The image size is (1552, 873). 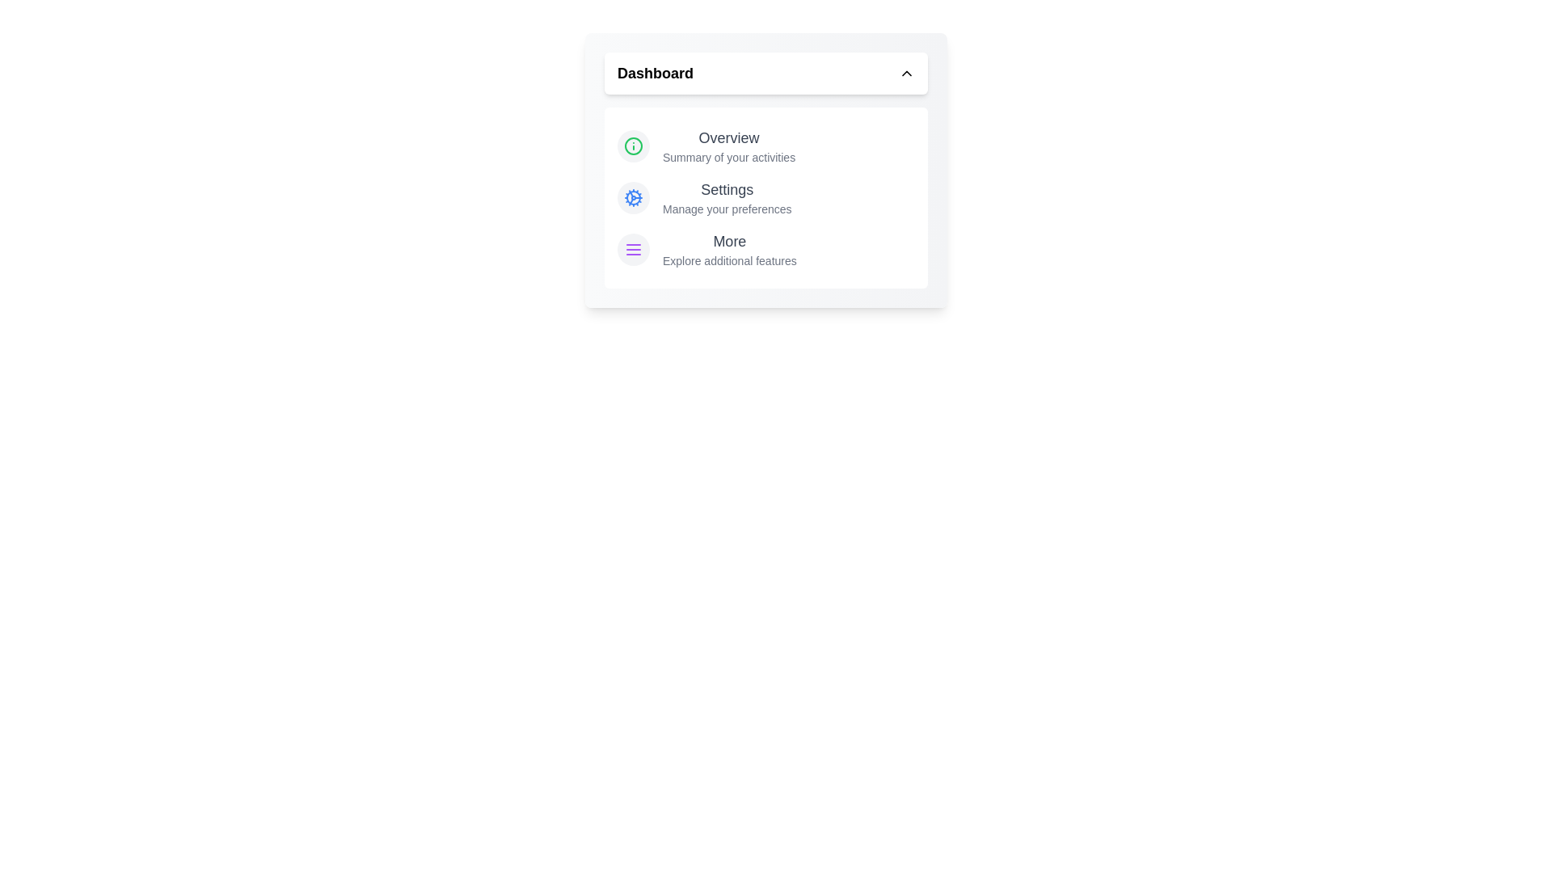 I want to click on the 'Settings' option in the menu, so click(x=725, y=197).